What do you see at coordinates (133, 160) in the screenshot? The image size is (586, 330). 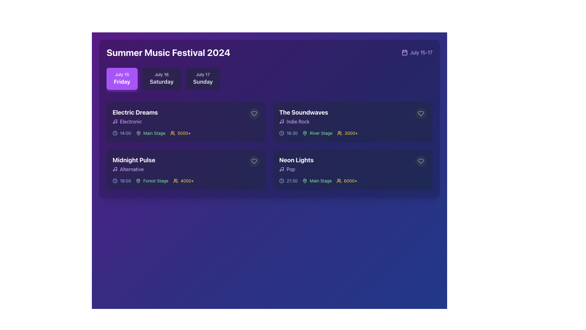 I see `the text label that serves as the title for the event 'Midnight Pulse', which is positioned at the top of the card displaying event details` at bounding box center [133, 160].